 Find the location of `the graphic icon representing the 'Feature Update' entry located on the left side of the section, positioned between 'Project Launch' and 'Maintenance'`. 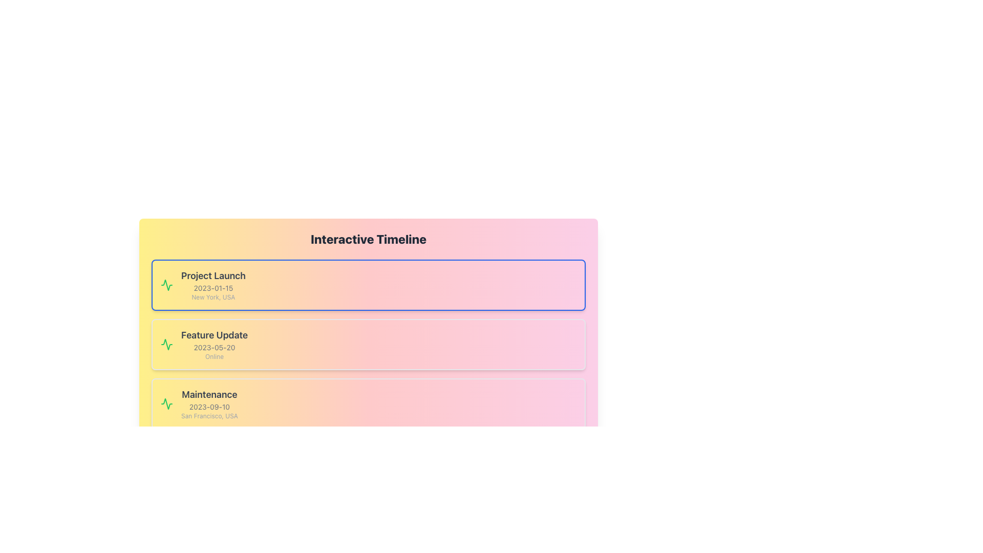

the graphic icon representing the 'Feature Update' entry located on the left side of the section, positioned between 'Project Launch' and 'Maintenance' is located at coordinates (167, 285).